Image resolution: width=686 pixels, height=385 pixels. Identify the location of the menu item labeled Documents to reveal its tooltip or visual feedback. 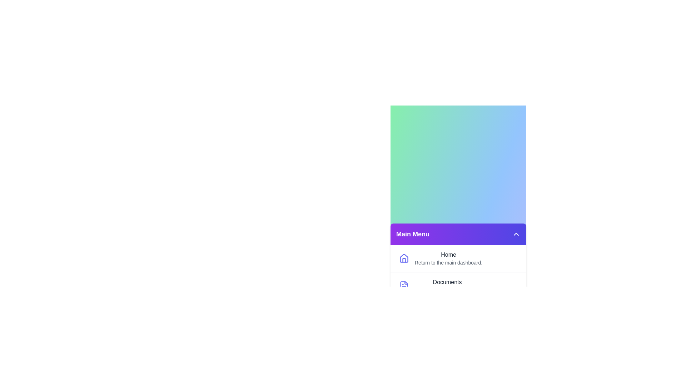
(458, 285).